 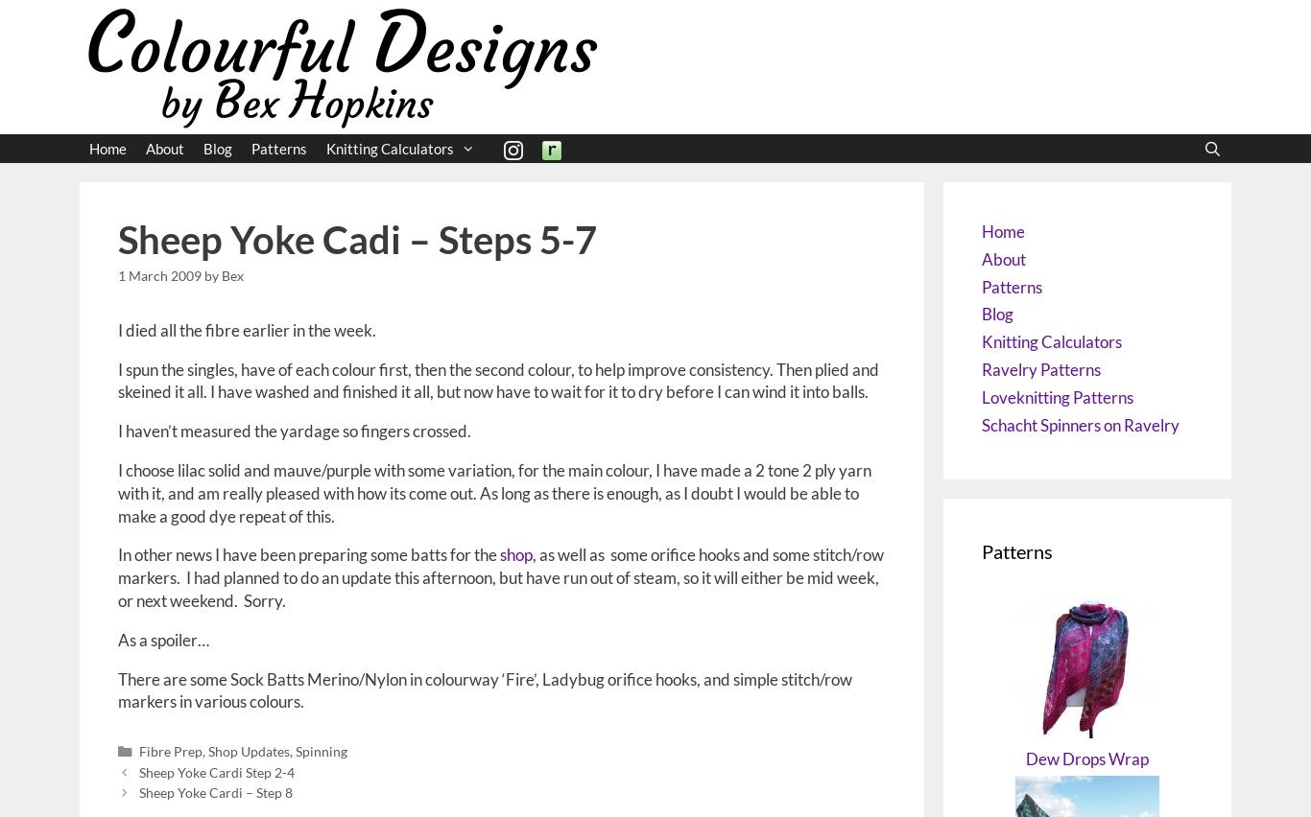 What do you see at coordinates (116, 492) in the screenshot?
I see `'I choose lilac solid and mauve/purple with some variation, for the main colour, I have made a 2 tone 2 ply yarn with it, and am really pleased with how its come out. As long as there is enough, as I doubt I would be able to make a good dye repeat of this.'` at bounding box center [116, 492].